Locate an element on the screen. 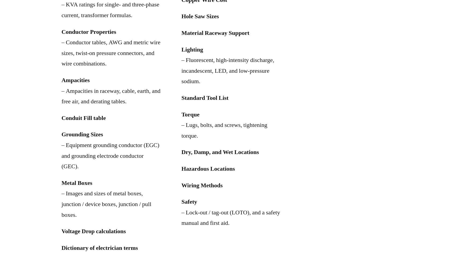 This screenshot has height=256, width=454. 'Conductor Properties' is located at coordinates (88, 31).